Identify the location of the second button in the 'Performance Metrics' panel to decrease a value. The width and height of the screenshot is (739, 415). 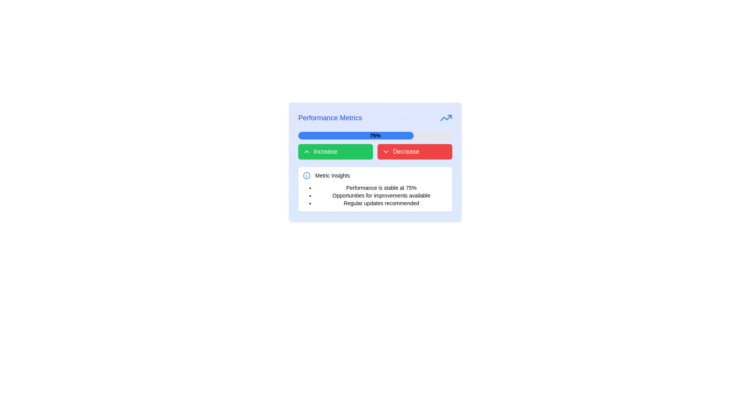
(415, 151).